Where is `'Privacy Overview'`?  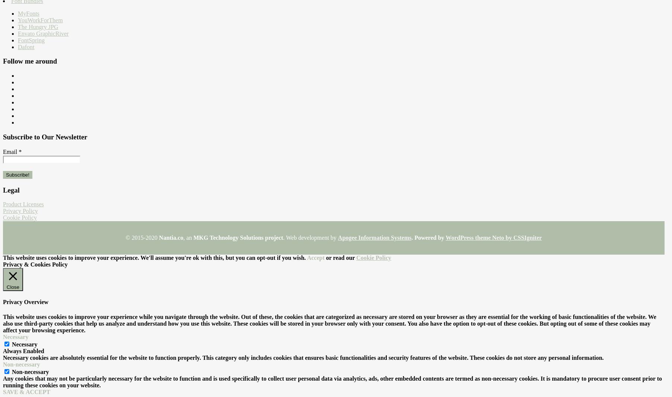
'Privacy Overview' is located at coordinates (25, 301).